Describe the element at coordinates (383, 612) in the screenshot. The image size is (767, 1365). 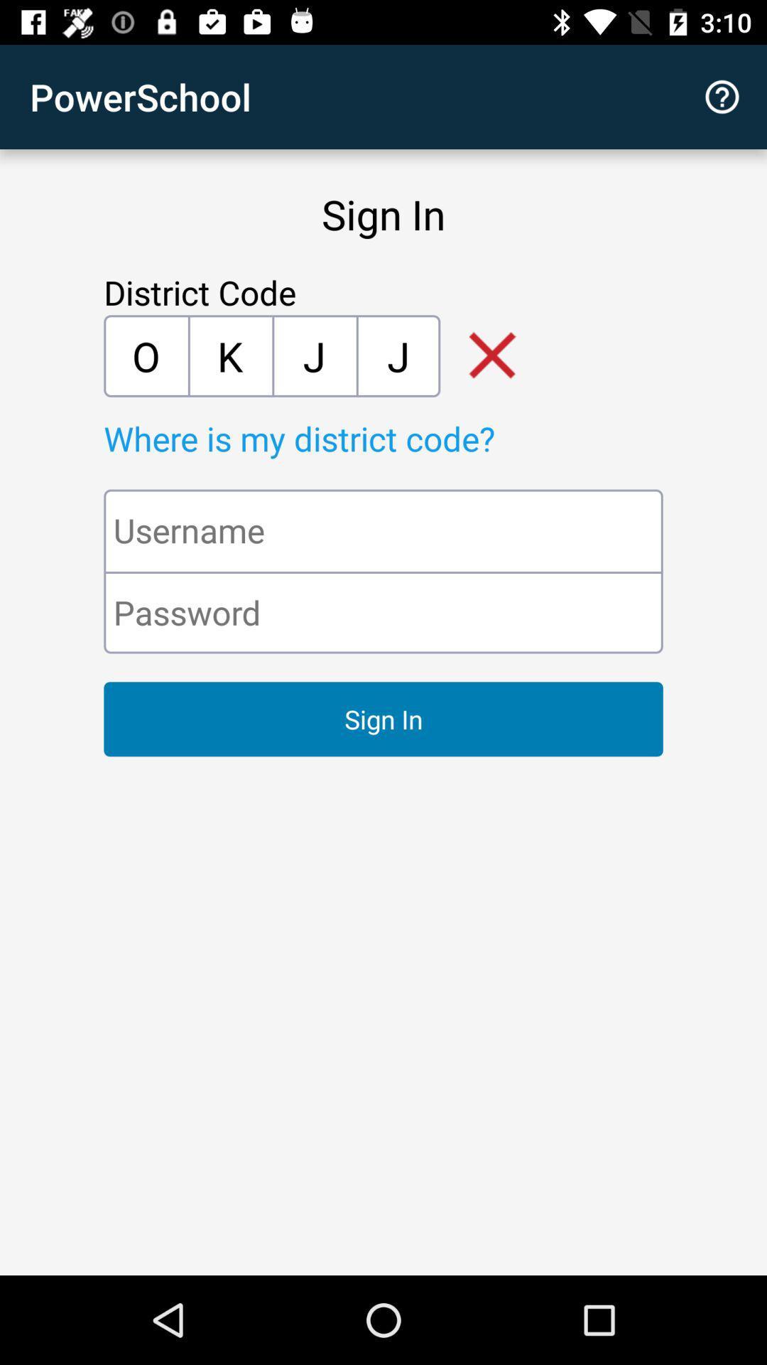
I see `password` at that location.